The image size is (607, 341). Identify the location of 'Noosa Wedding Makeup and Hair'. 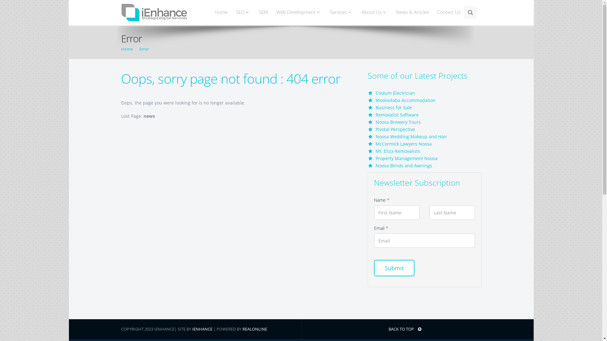
(411, 136).